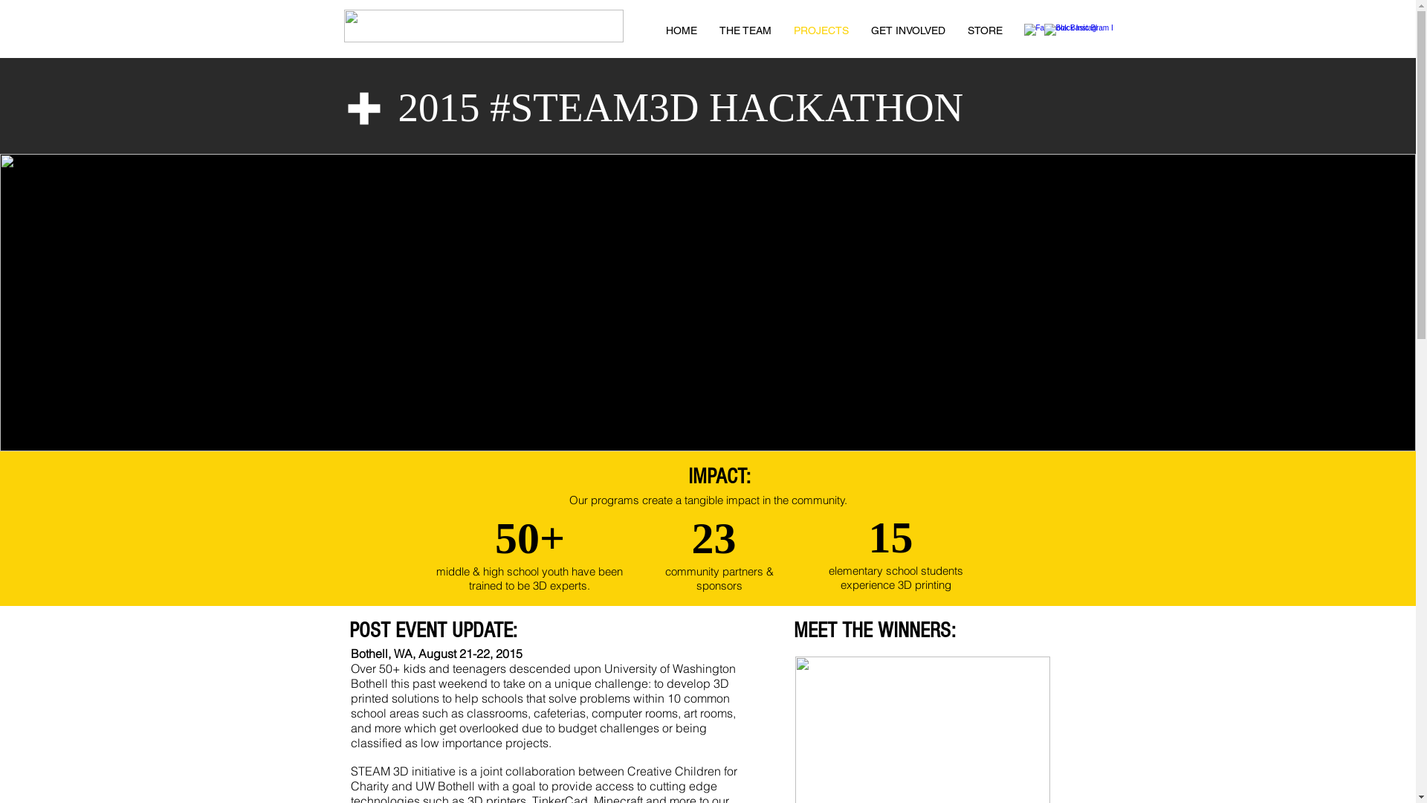 Image resolution: width=1427 pixels, height=803 pixels. What do you see at coordinates (745, 30) in the screenshot?
I see `'THE TEAM'` at bounding box center [745, 30].